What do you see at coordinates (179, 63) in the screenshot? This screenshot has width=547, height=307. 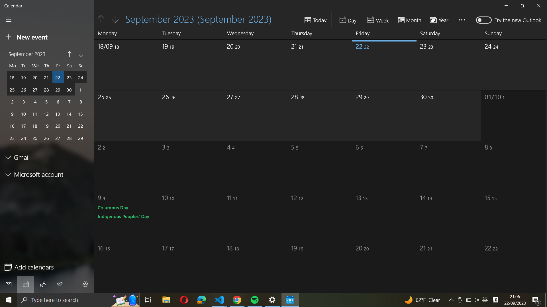 I see `date as 19/09` at bounding box center [179, 63].